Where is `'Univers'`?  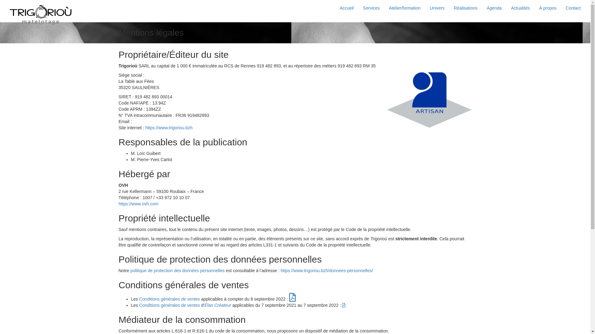
'Univers' is located at coordinates (437, 8).